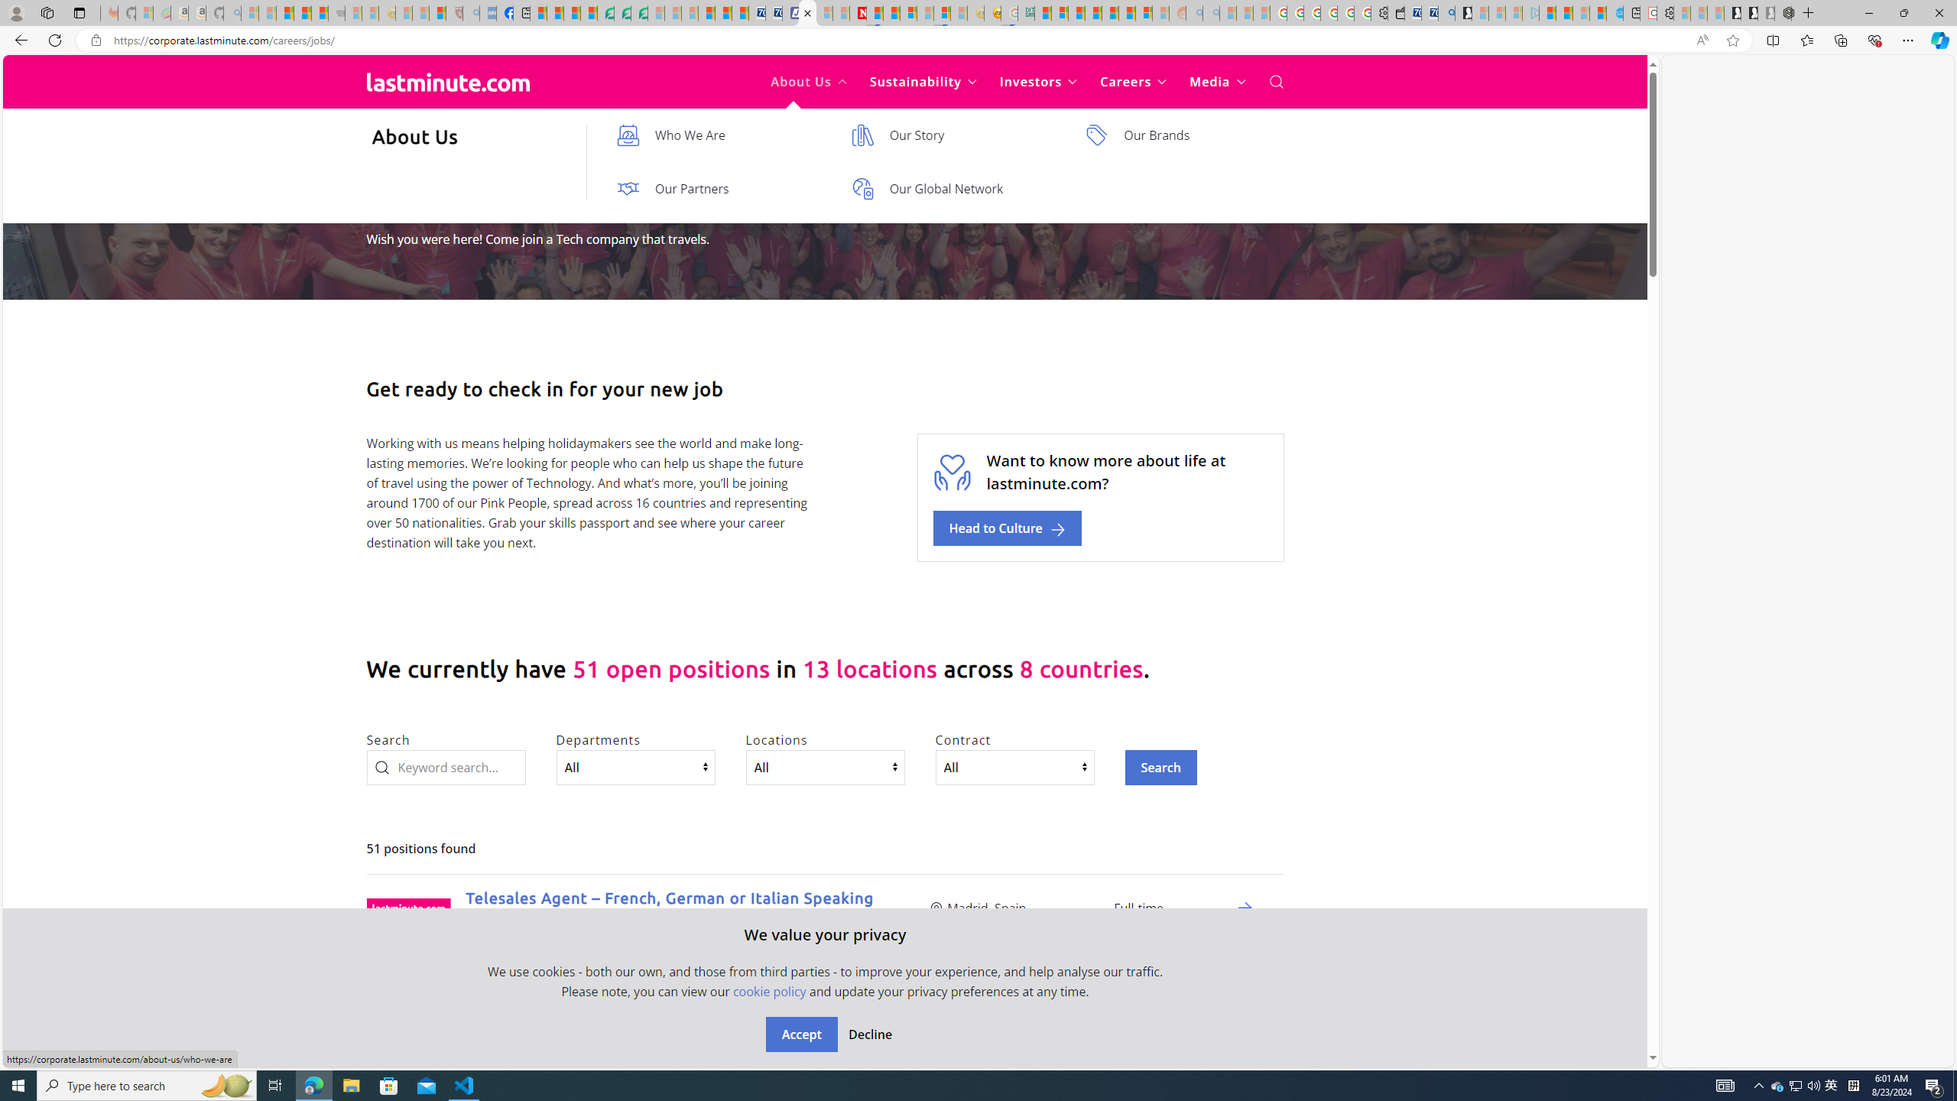 The width and height of the screenshot is (1957, 1101). I want to click on 'Microsoft Start Gaming', so click(1462, 12).